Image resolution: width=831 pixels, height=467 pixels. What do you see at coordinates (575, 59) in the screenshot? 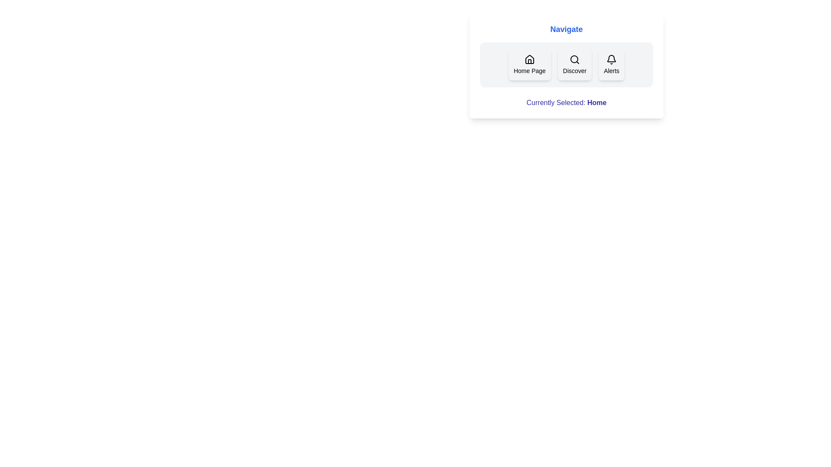
I see `the magnifying glass icon located above the text 'Discover' in the navigation button` at bounding box center [575, 59].